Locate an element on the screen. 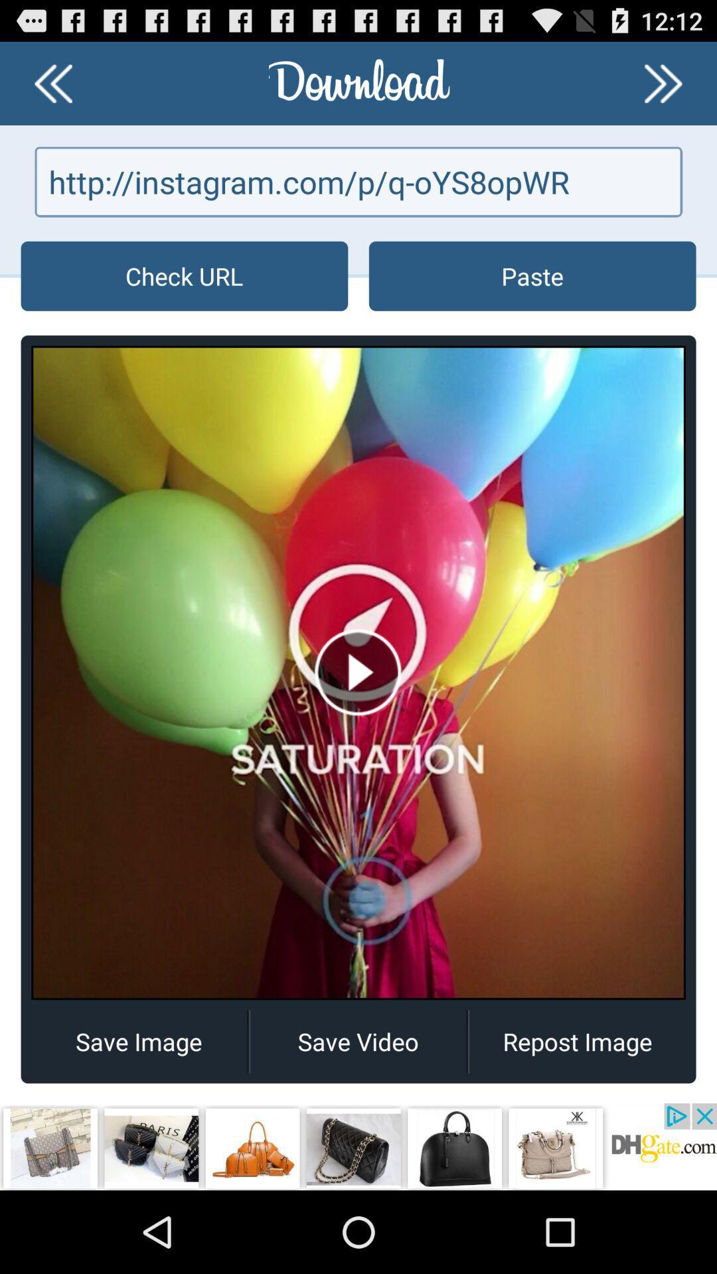 The width and height of the screenshot is (717, 1274). go forward is located at coordinates (663, 82).